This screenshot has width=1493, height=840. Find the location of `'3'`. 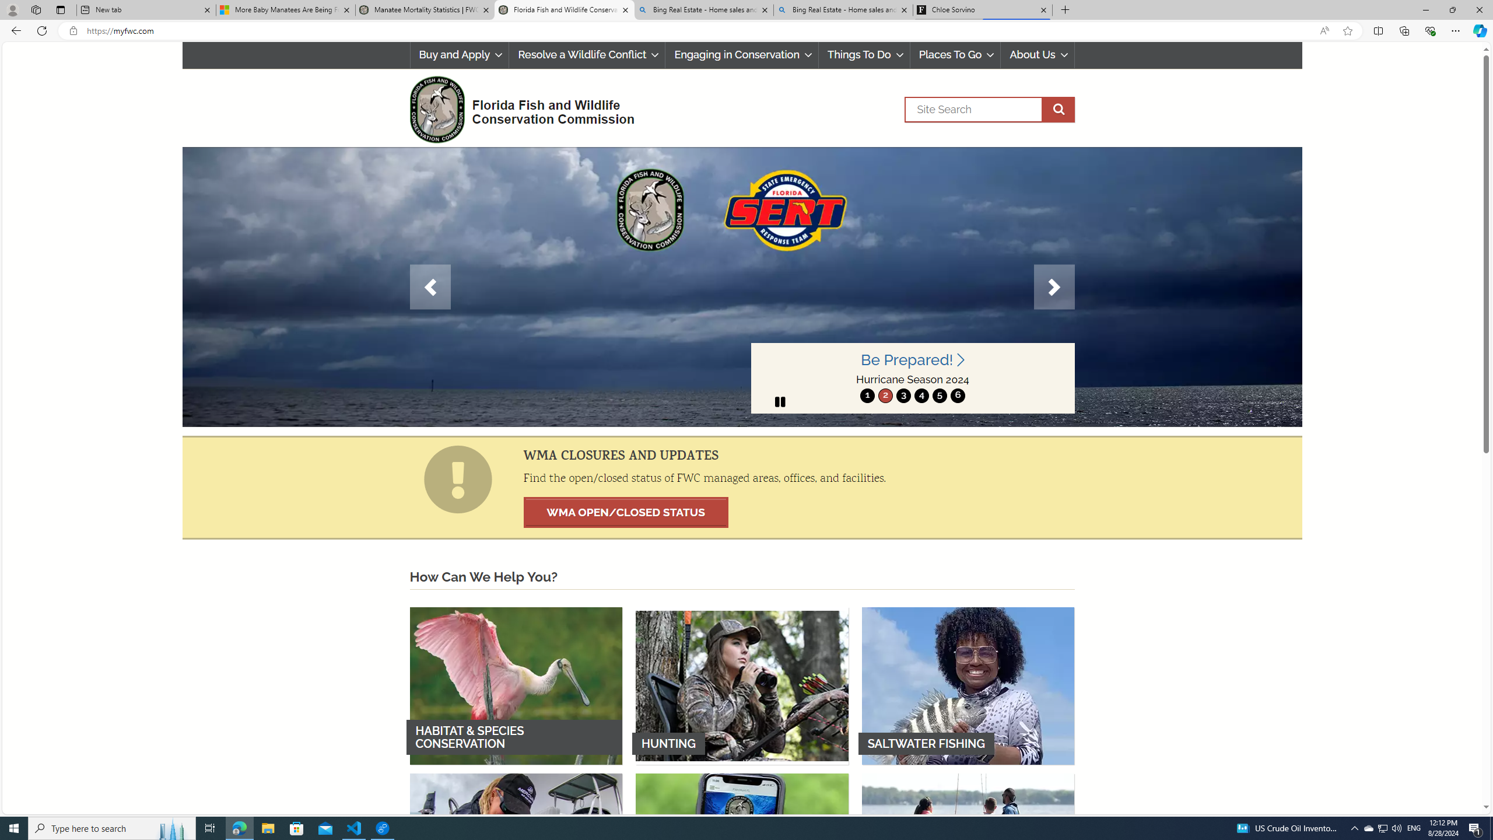

'3' is located at coordinates (903, 395).